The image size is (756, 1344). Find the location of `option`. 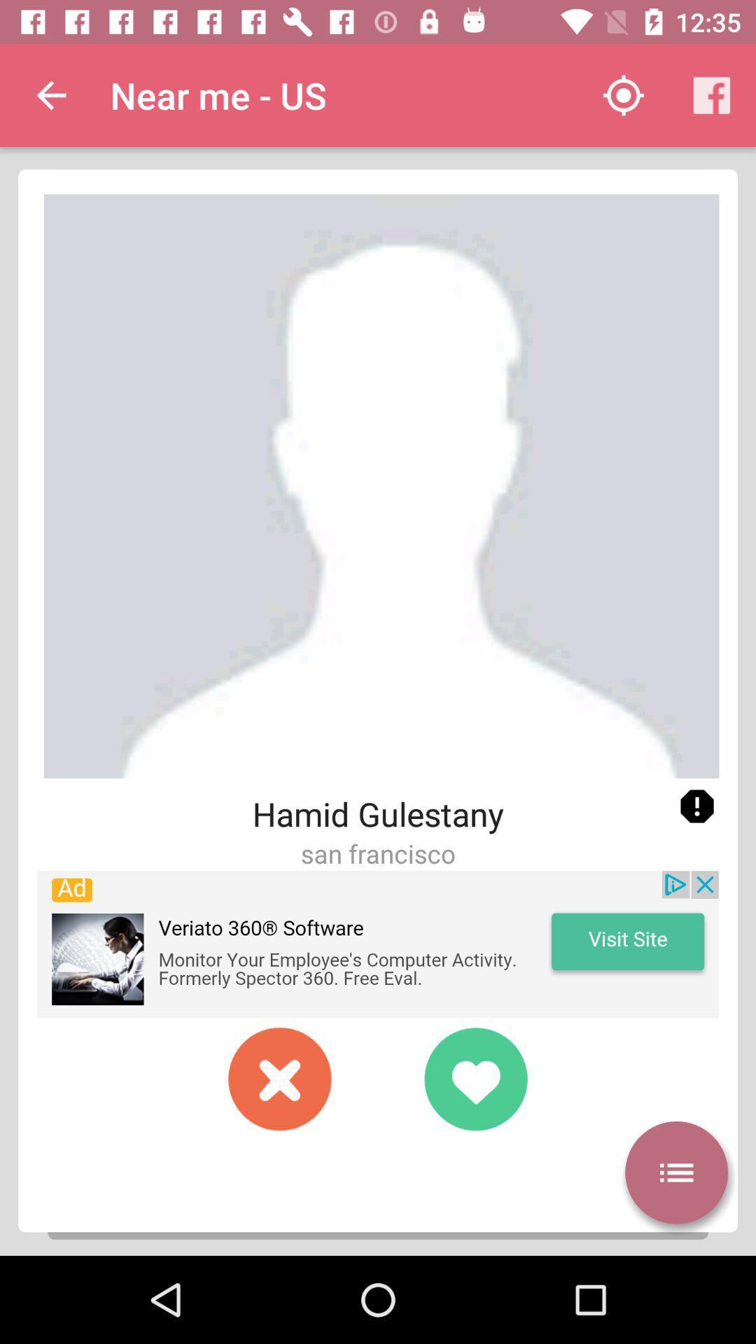

option is located at coordinates (280, 1078).